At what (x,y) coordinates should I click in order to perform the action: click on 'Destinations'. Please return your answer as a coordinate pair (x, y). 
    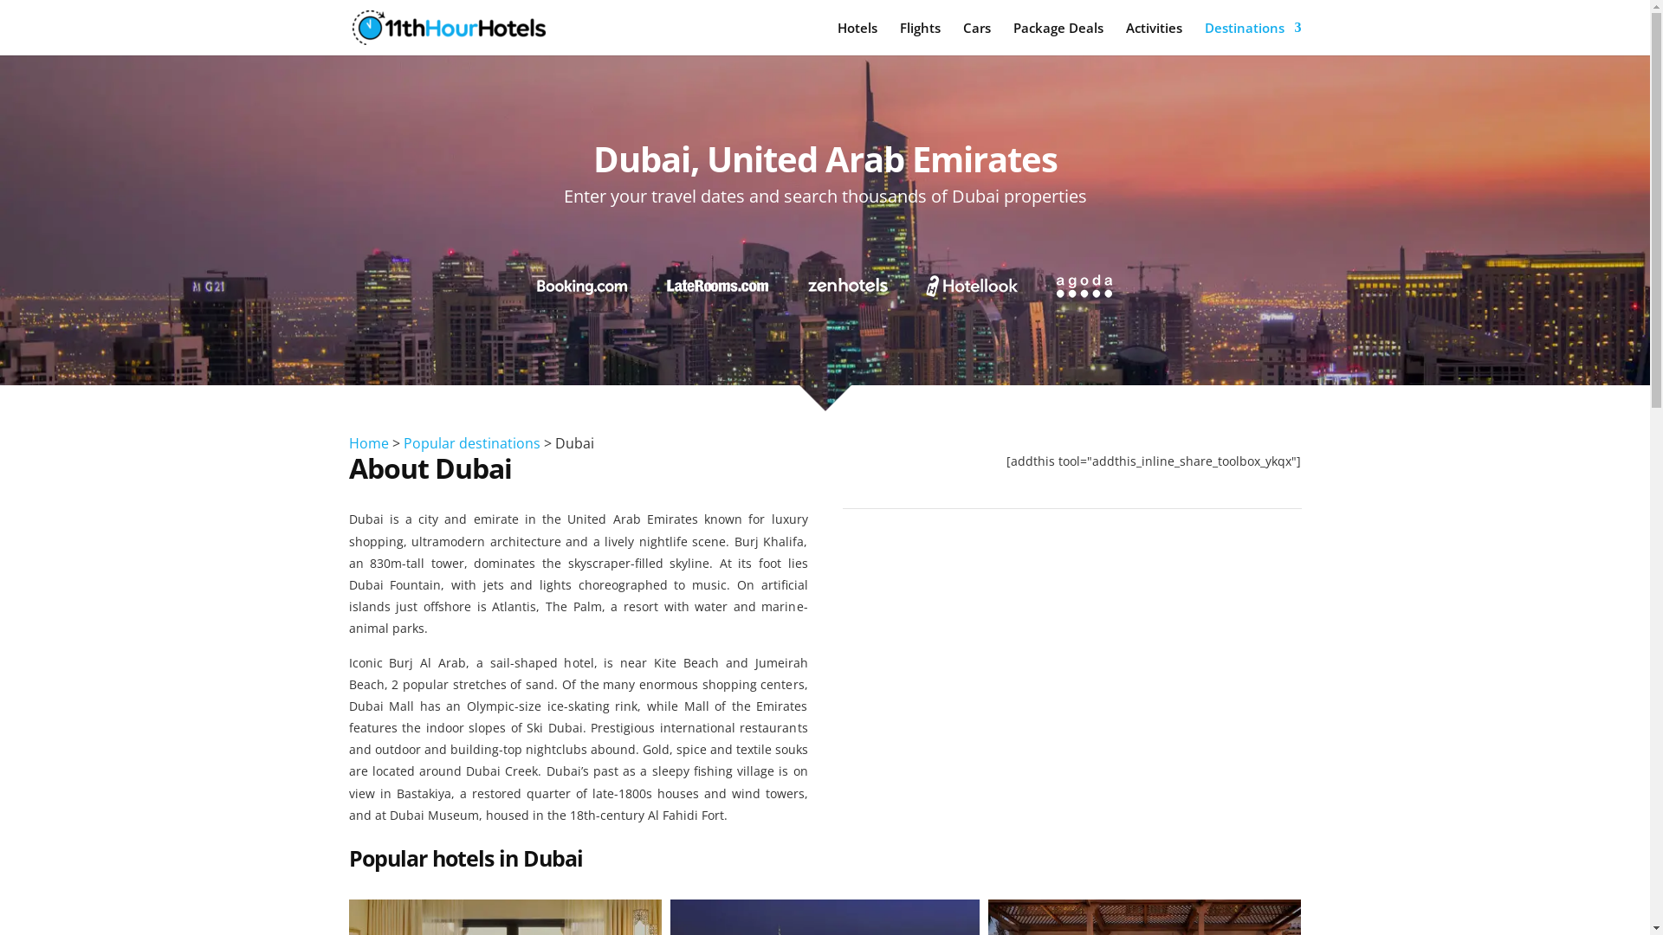
    Looking at the image, I should click on (1252, 38).